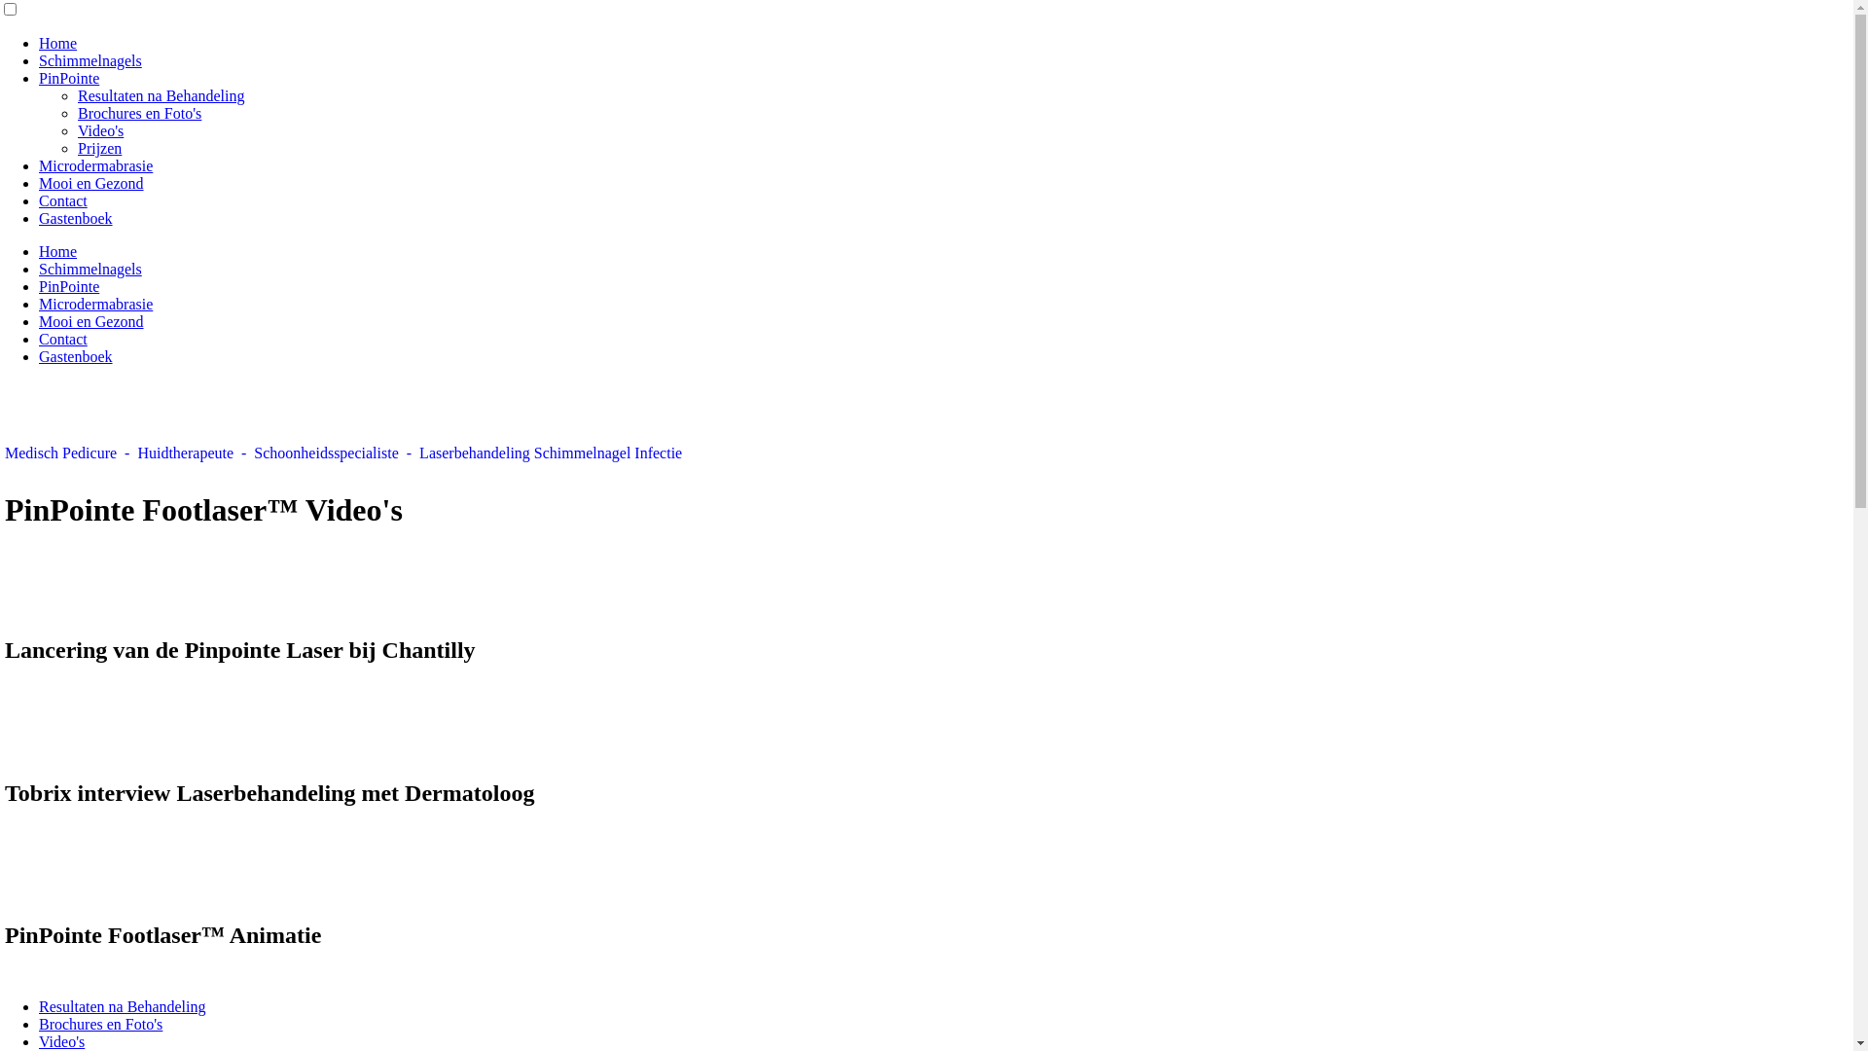 This screenshot has width=1868, height=1051. What do you see at coordinates (94, 304) in the screenshot?
I see `'Microdermabrasie'` at bounding box center [94, 304].